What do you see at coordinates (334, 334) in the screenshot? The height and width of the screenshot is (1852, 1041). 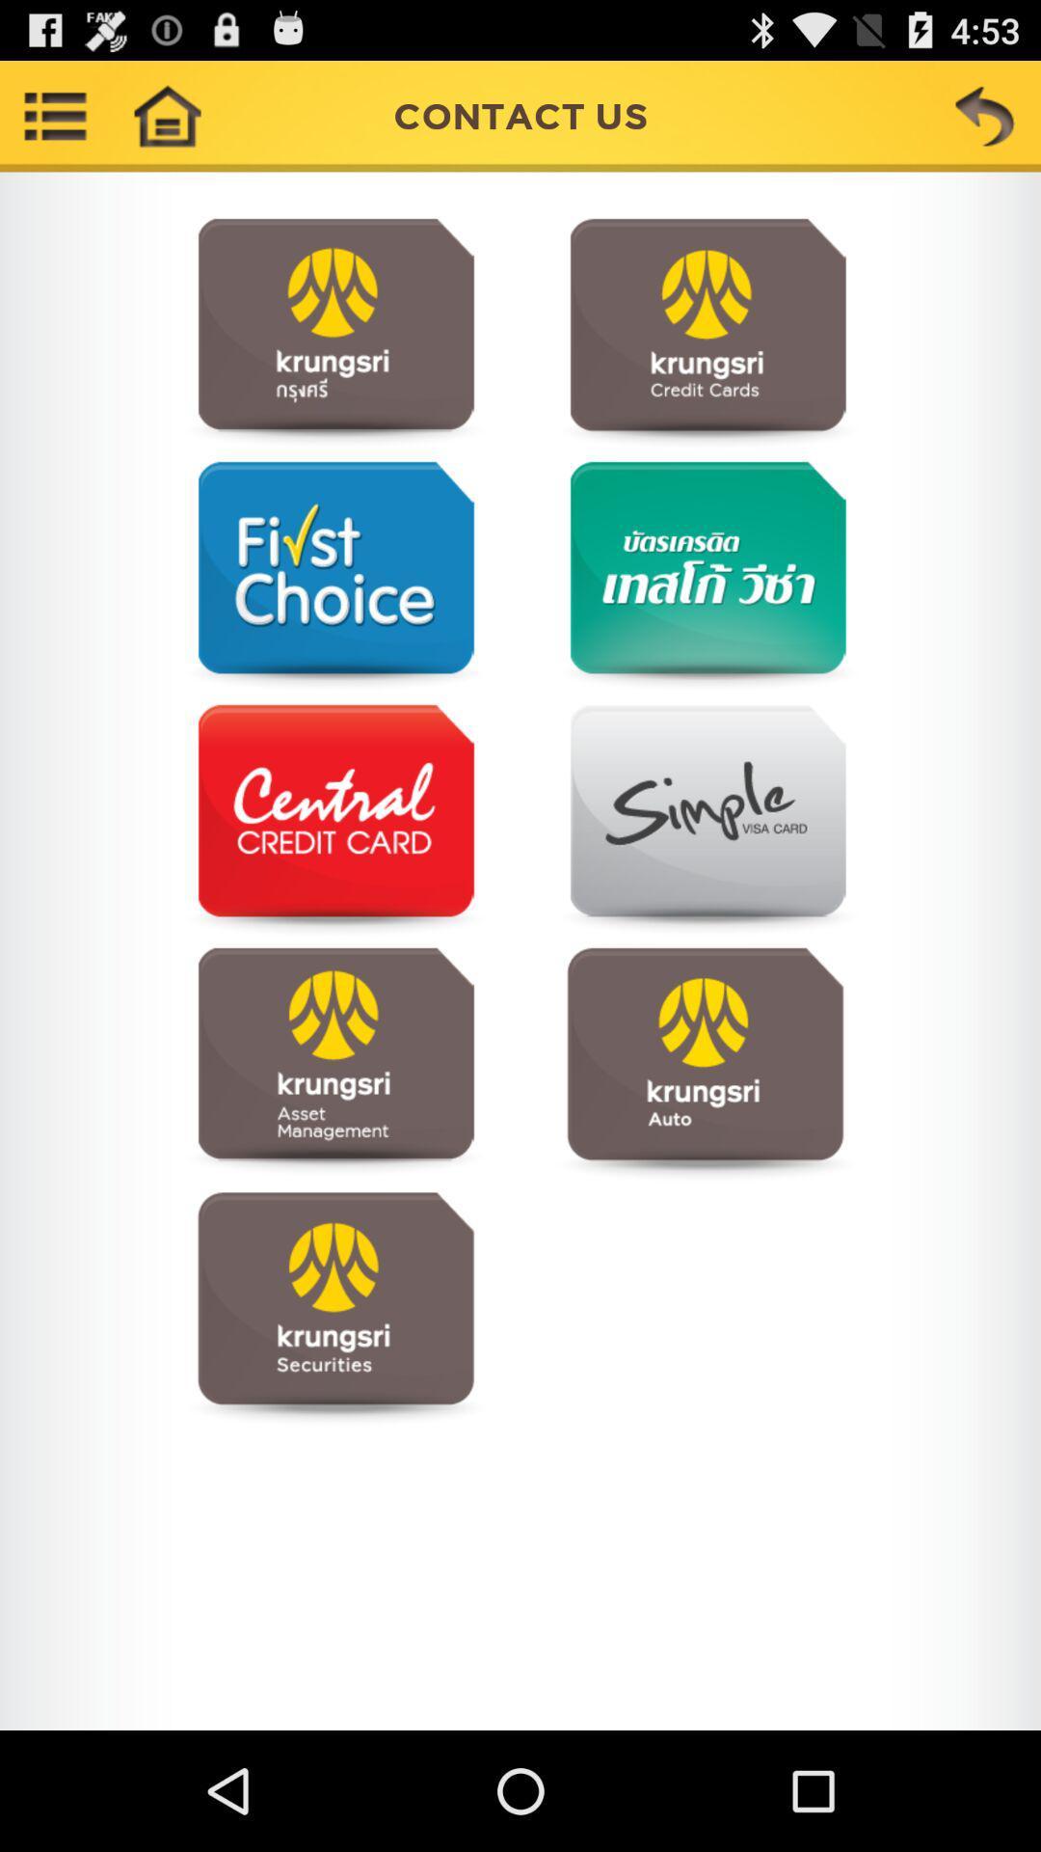 I see `the icon below the contact us item` at bounding box center [334, 334].